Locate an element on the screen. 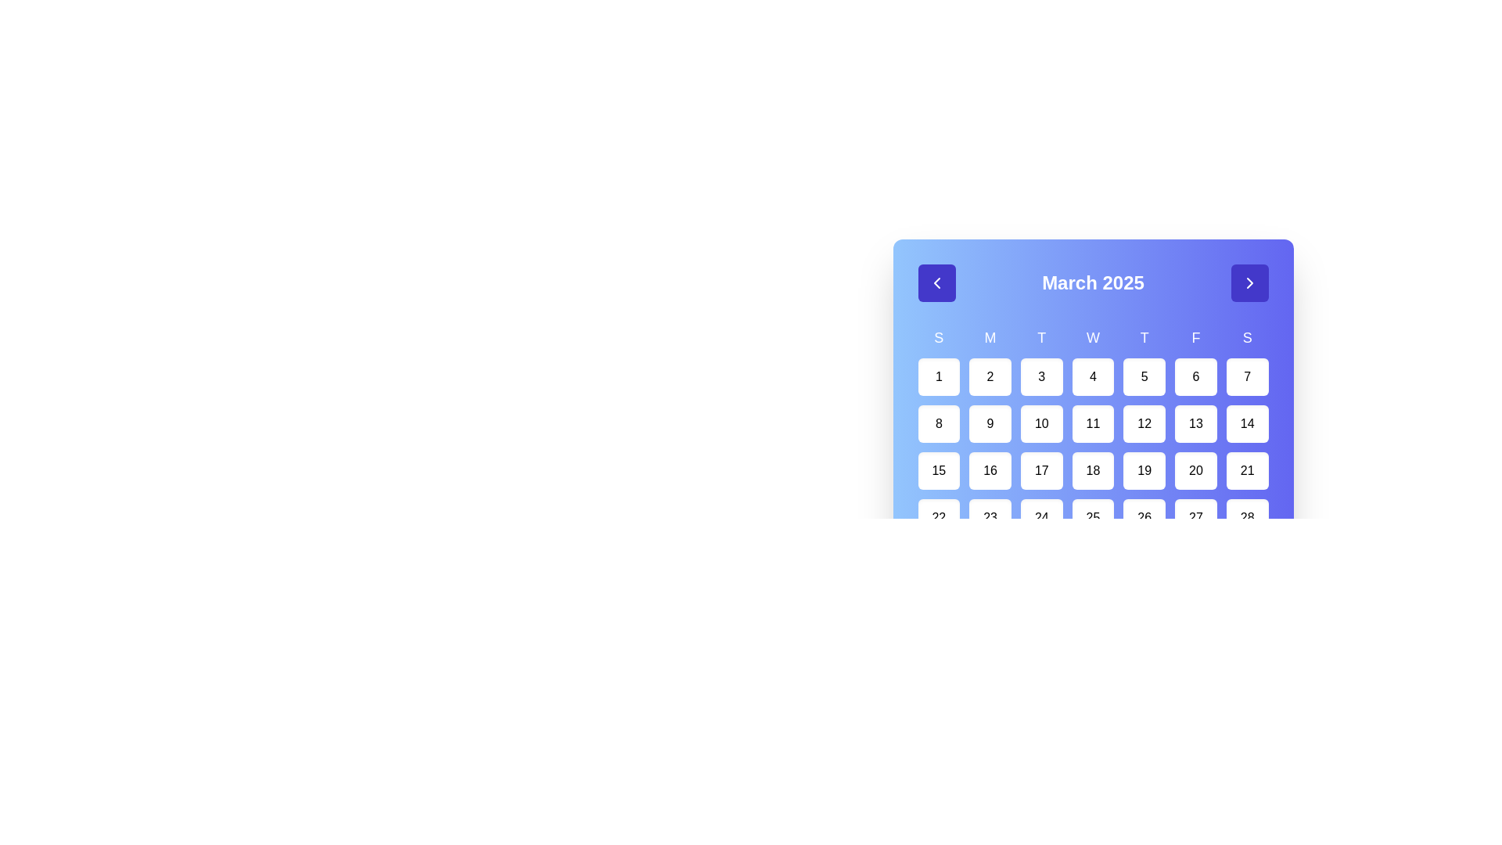 Image resolution: width=1502 pixels, height=845 pixels. the square-shaped button labeled '10' with a white background and black text, located under the header 'March 2025' in the second row and third column of the grid is located at coordinates (1041, 424).